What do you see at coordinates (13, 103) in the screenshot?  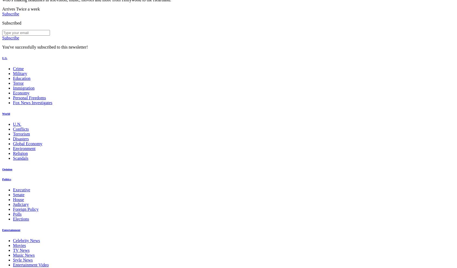 I see `'Fox News Investigates'` at bounding box center [13, 103].